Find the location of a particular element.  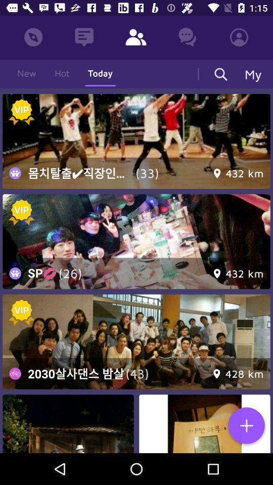

image is located at coordinates (136, 140).